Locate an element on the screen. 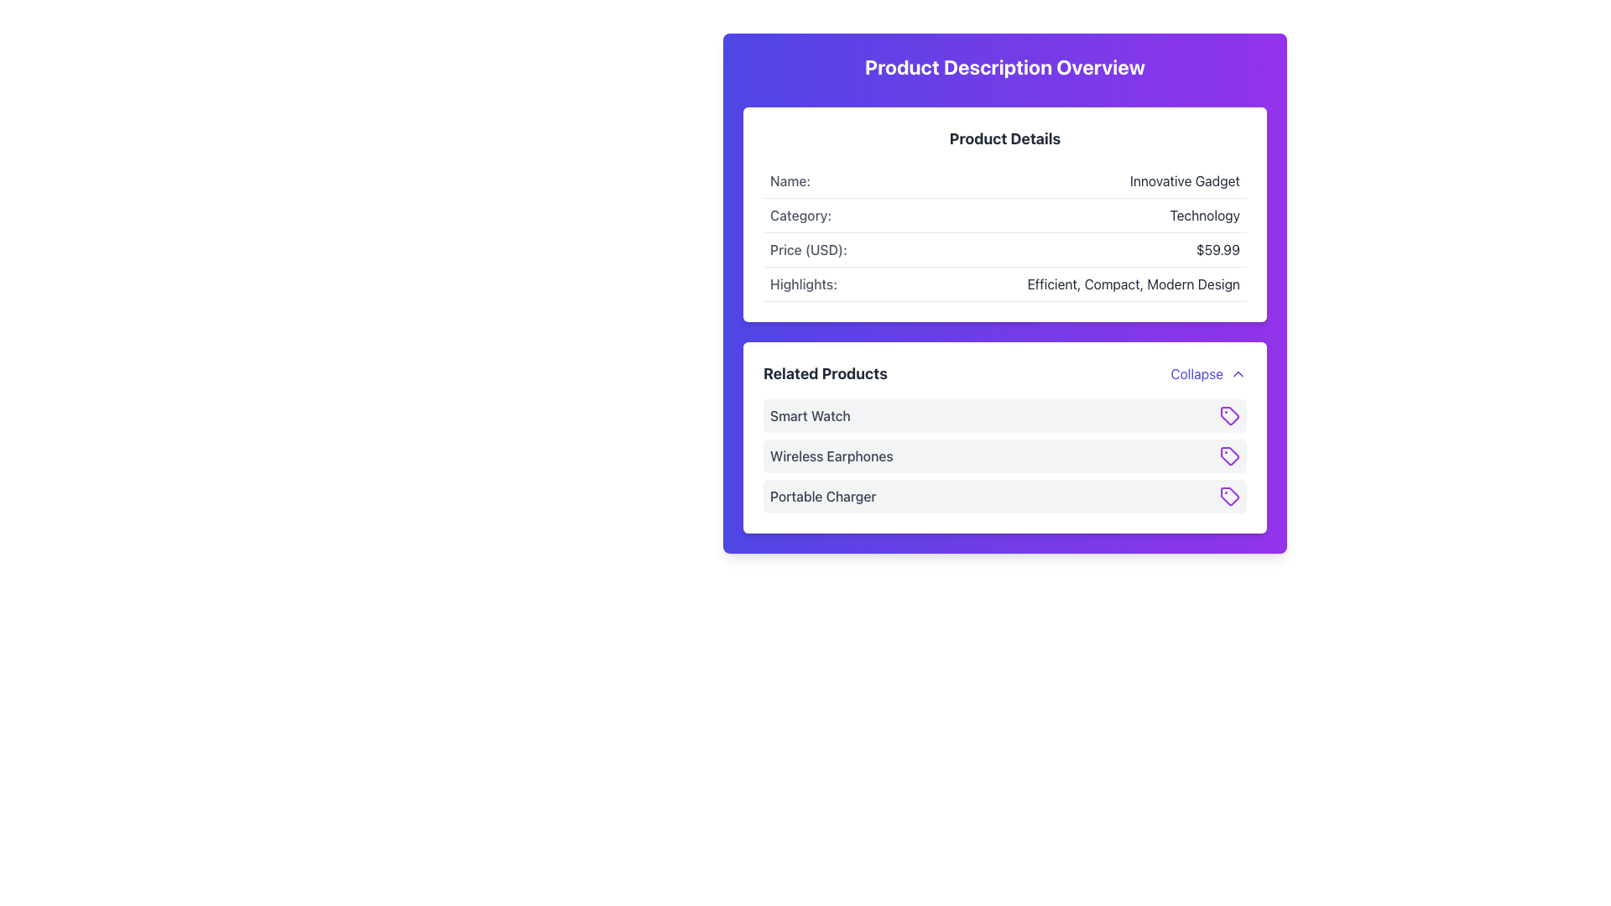  the text label displaying 'Wireless Earphones' in the second item slot of the 'Related Products' section, which is visually aligned with a grayish color and a rounded rectangle background is located at coordinates (832, 456).